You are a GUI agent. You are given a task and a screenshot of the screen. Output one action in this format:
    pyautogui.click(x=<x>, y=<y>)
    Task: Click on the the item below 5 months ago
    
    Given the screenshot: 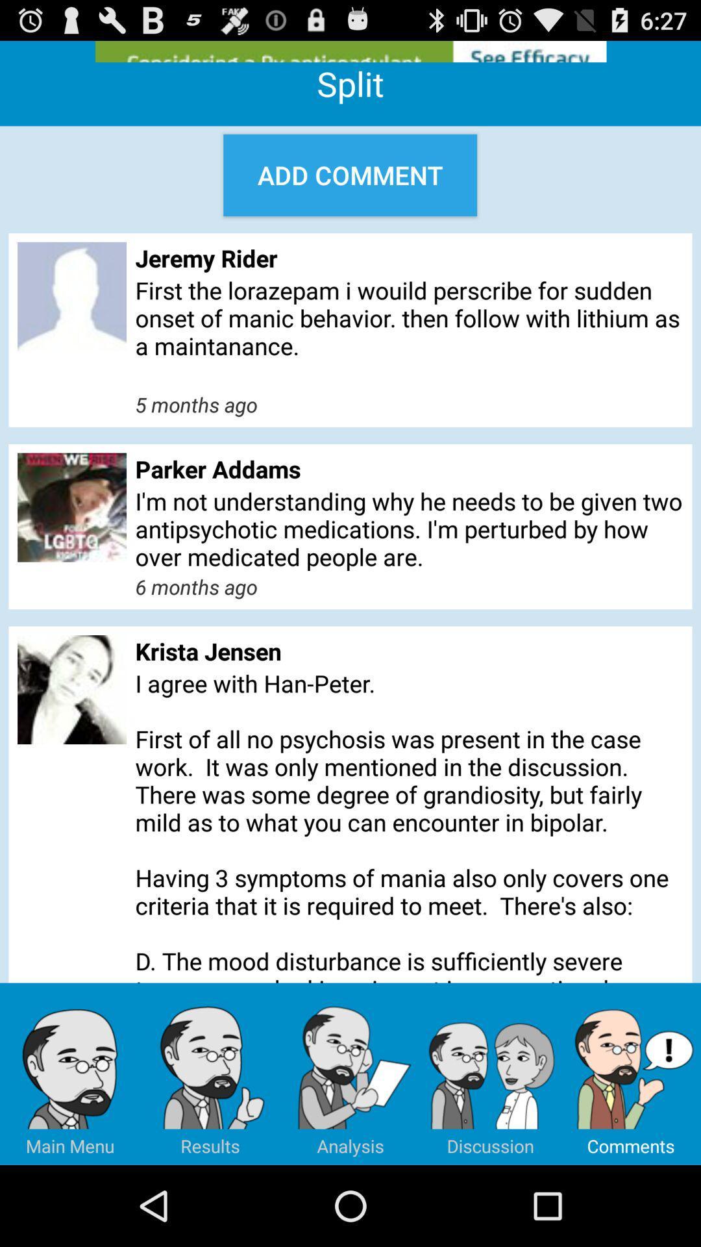 What is the action you would take?
    pyautogui.click(x=409, y=468)
    